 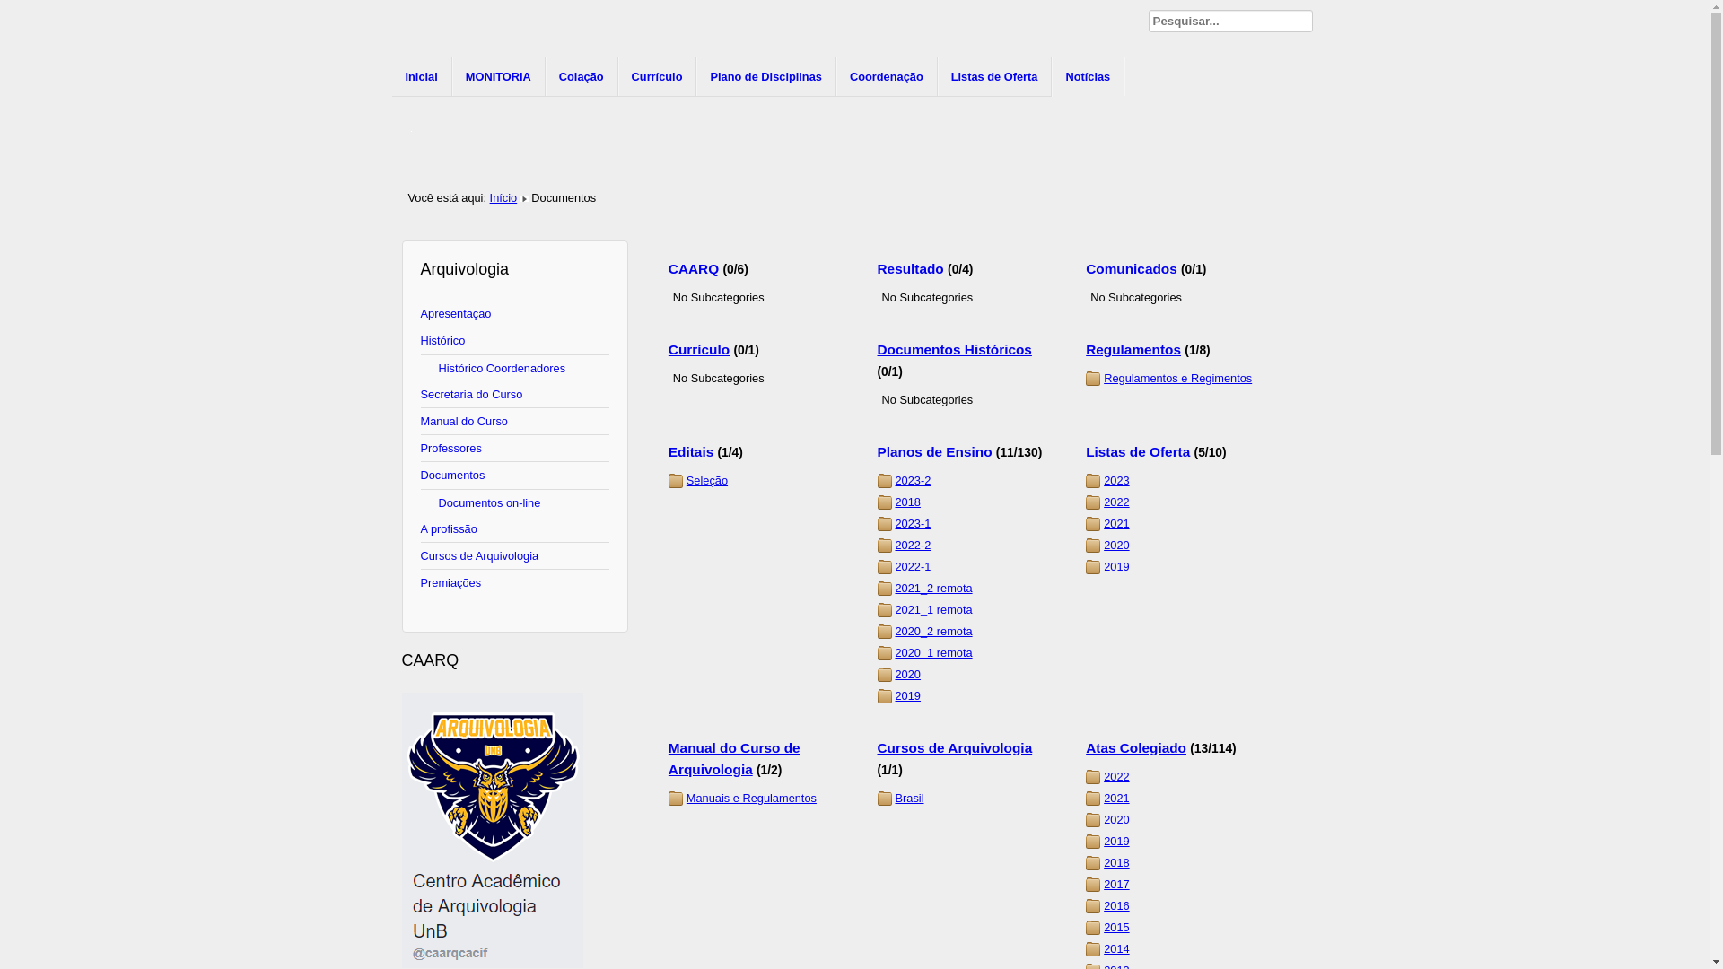 I want to click on '2022-1', so click(x=913, y=566).